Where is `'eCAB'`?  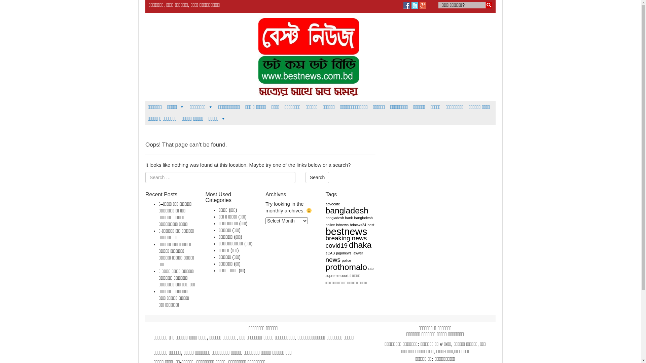
'eCAB' is located at coordinates (330, 253).